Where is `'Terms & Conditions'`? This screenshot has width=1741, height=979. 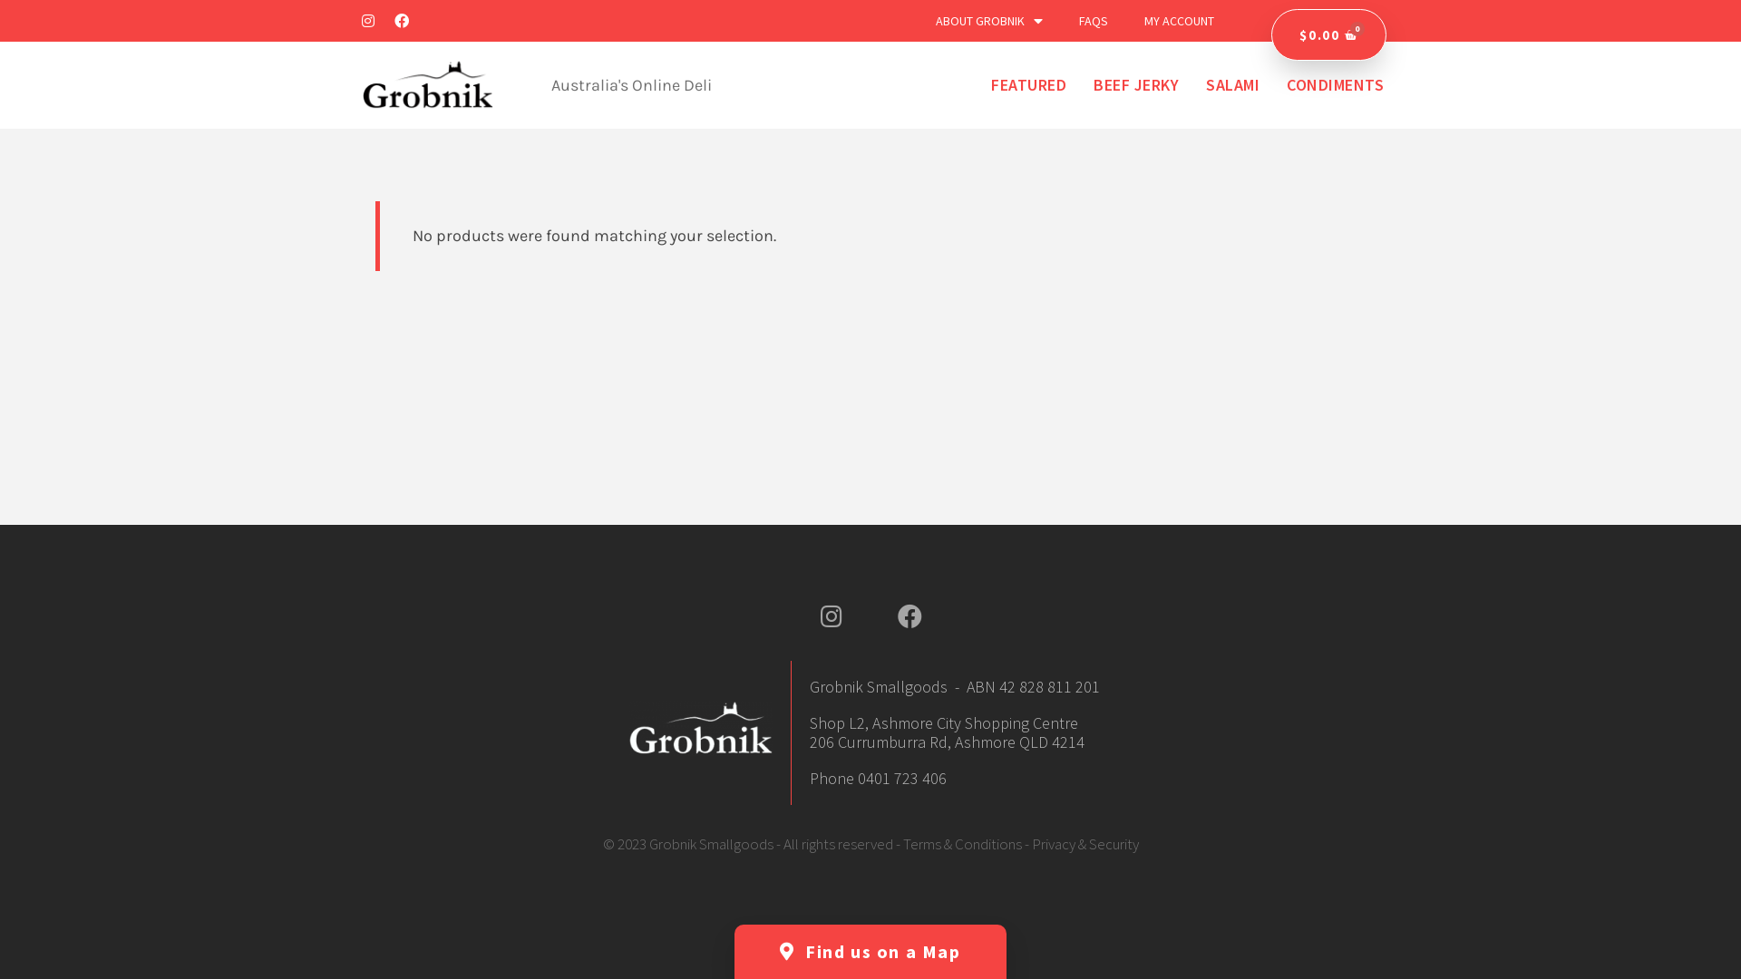
'Terms & Conditions' is located at coordinates (903, 843).